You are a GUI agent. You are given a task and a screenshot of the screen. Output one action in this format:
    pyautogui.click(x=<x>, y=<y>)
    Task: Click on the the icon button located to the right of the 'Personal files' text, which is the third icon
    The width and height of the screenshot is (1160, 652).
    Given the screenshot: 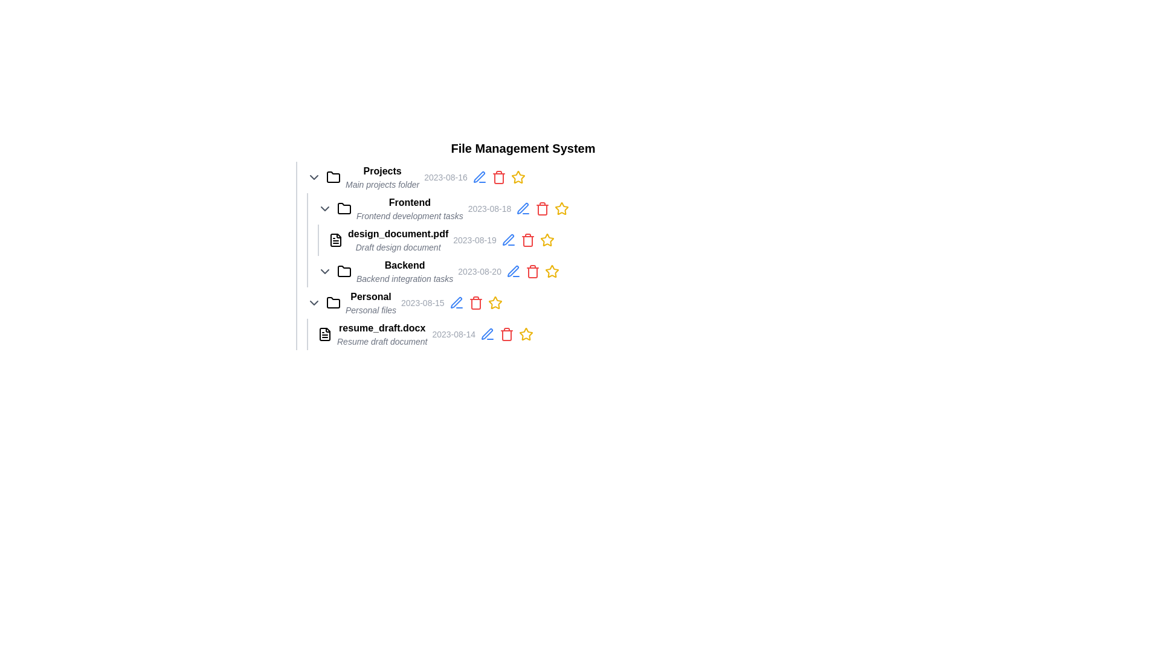 What is the action you would take?
    pyautogui.click(x=456, y=302)
    